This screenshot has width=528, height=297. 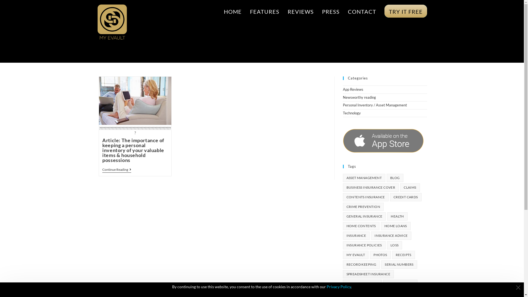 What do you see at coordinates (356, 235) in the screenshot?
I see `'INSURANCE'` at bounding box center [356, 235].